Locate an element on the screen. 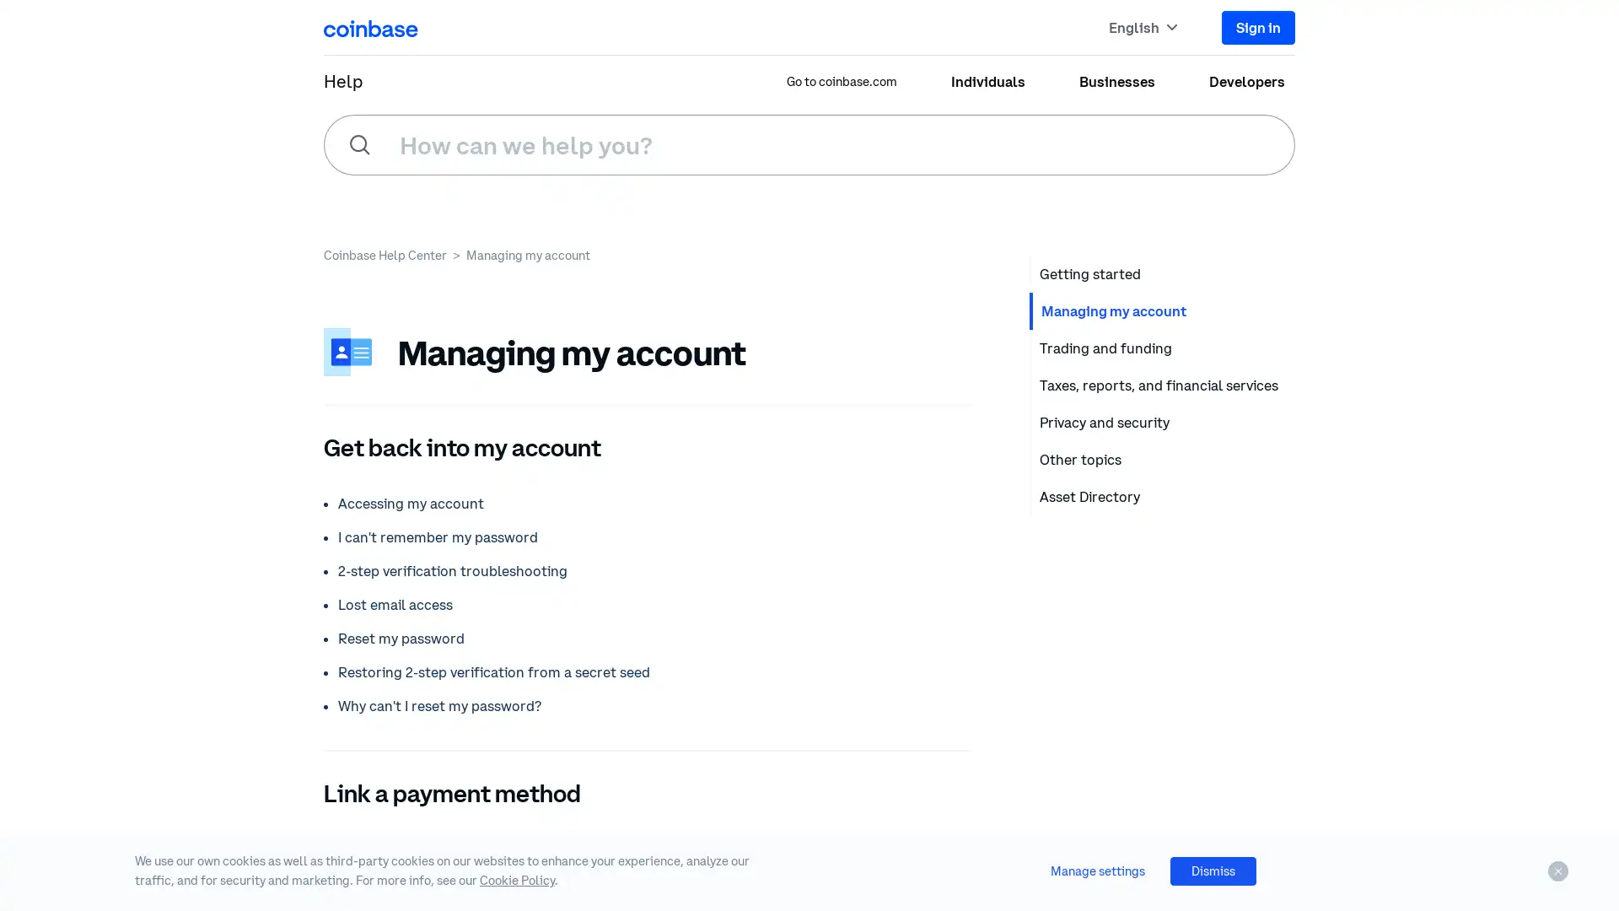 This screenshot has height=911, width=1619. Dismiss is located at coordinates (1557, 871).